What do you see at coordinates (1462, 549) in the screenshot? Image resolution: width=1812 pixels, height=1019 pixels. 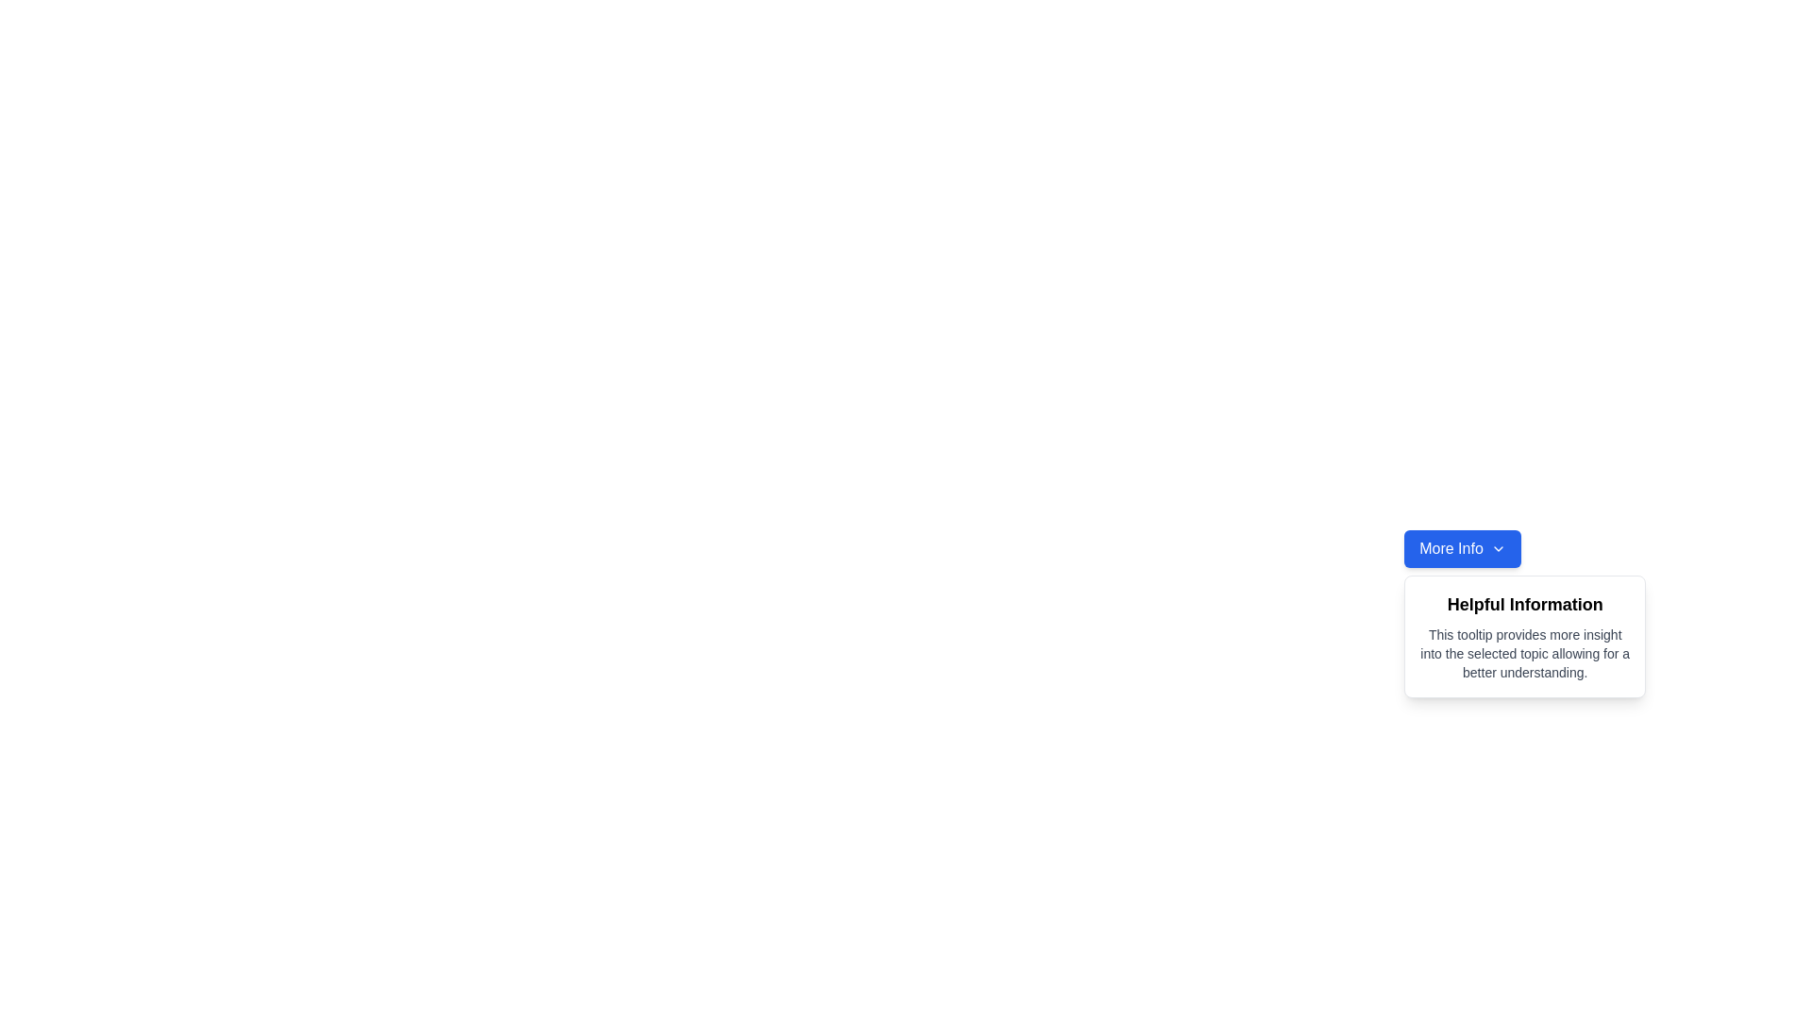 I see `the top-center button that triggers a tooltip` at bounding box center [1462, 549].